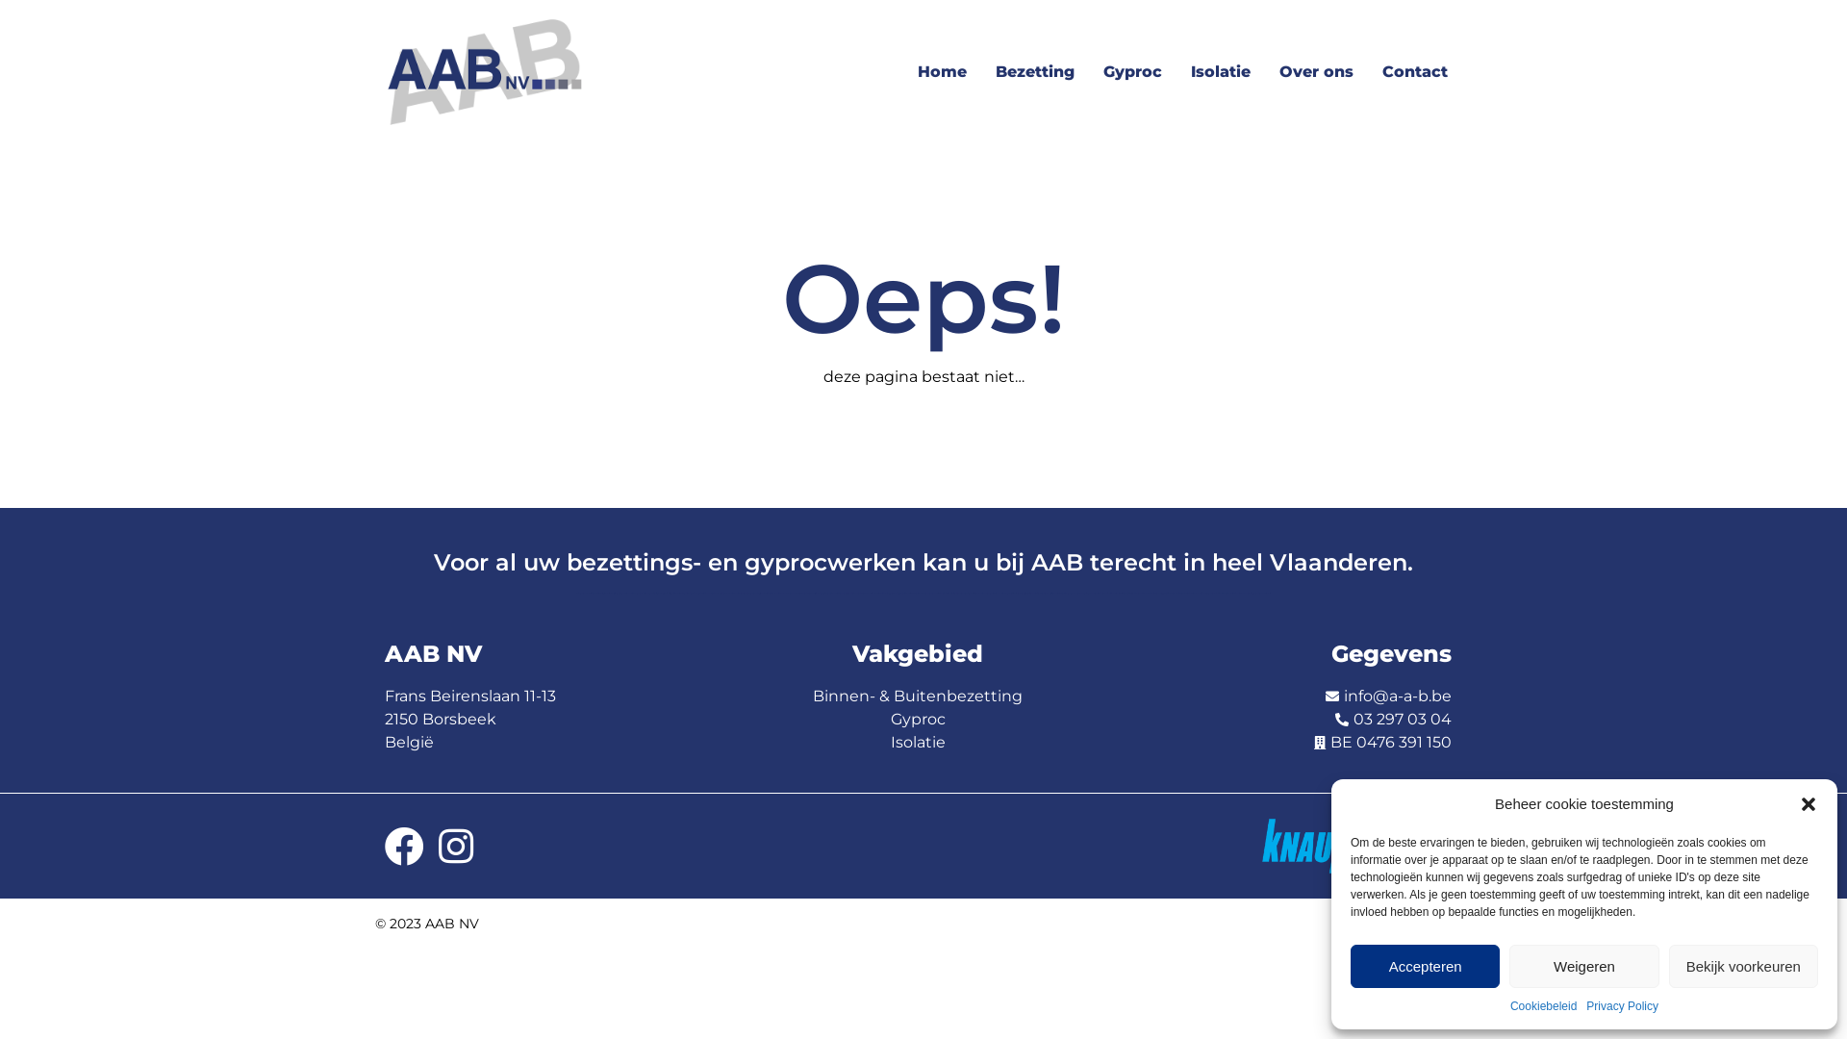  What do you see at coordinates (1132, 70) in the screenshot?
I see `'Gyproc'` at bounding box center [1132, 70].